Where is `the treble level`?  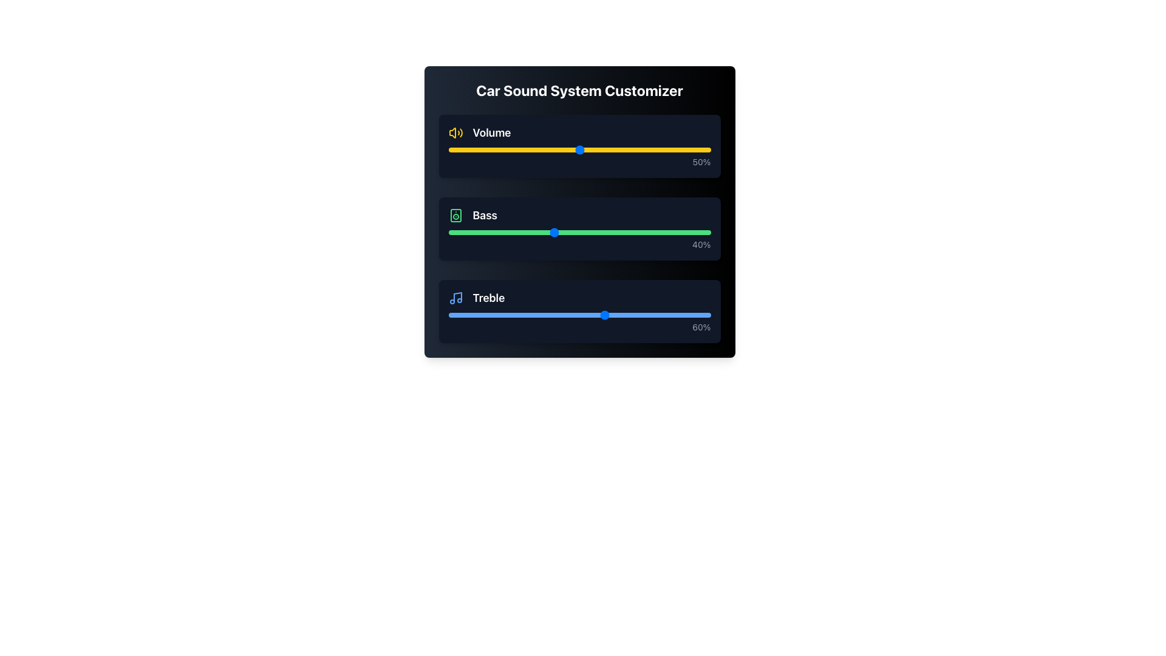
the treble level is located at coordinates (466, 315).